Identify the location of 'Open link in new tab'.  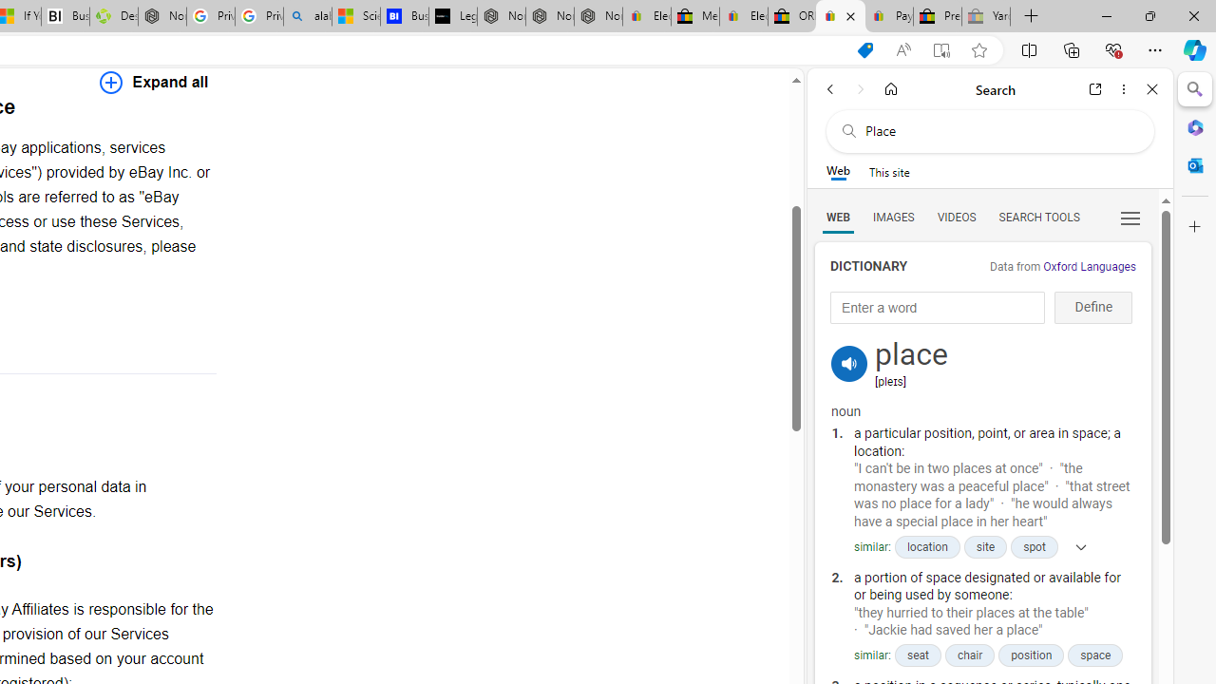
(1095, 88).